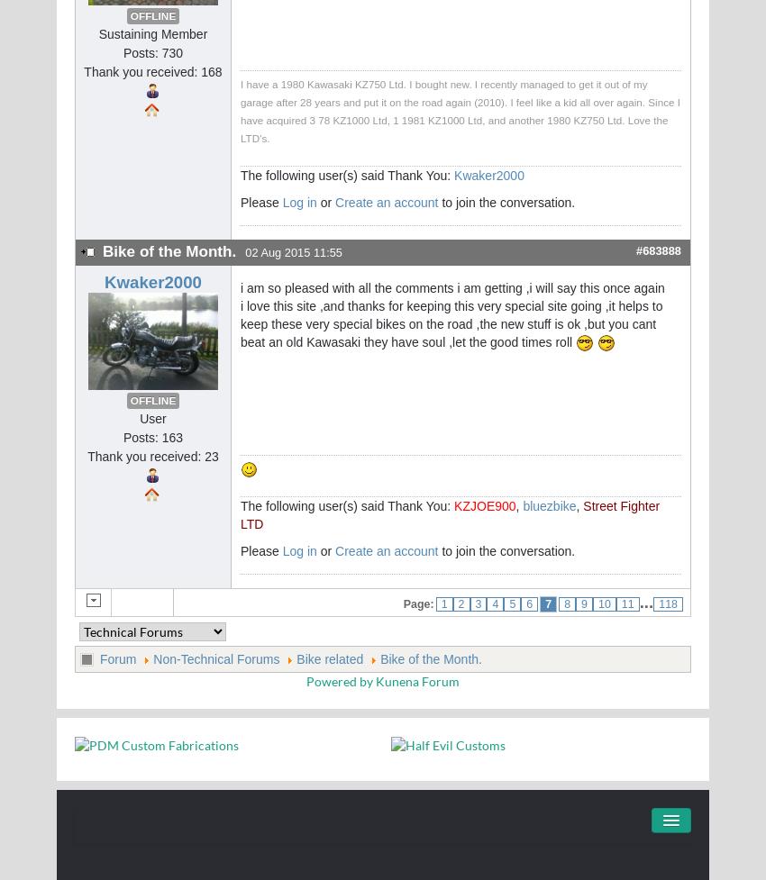  Describe the element at coordinates (450, 514) in the screenshot. I see `'Street Fighter LTD'` at that location.